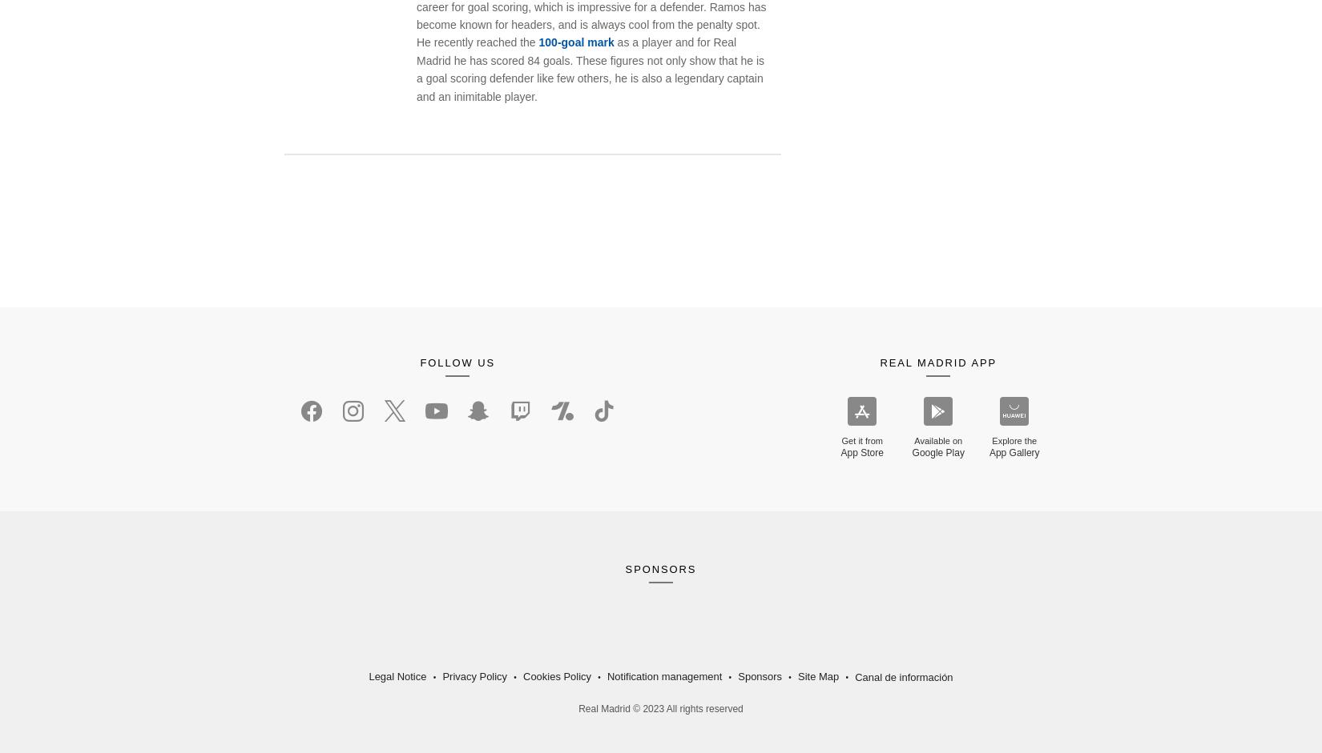 The height and width of the screenshot is (753, 1322). Describe the element at coordinates (818, 675) in the screenshot. I see `'Site Map'` at that location.